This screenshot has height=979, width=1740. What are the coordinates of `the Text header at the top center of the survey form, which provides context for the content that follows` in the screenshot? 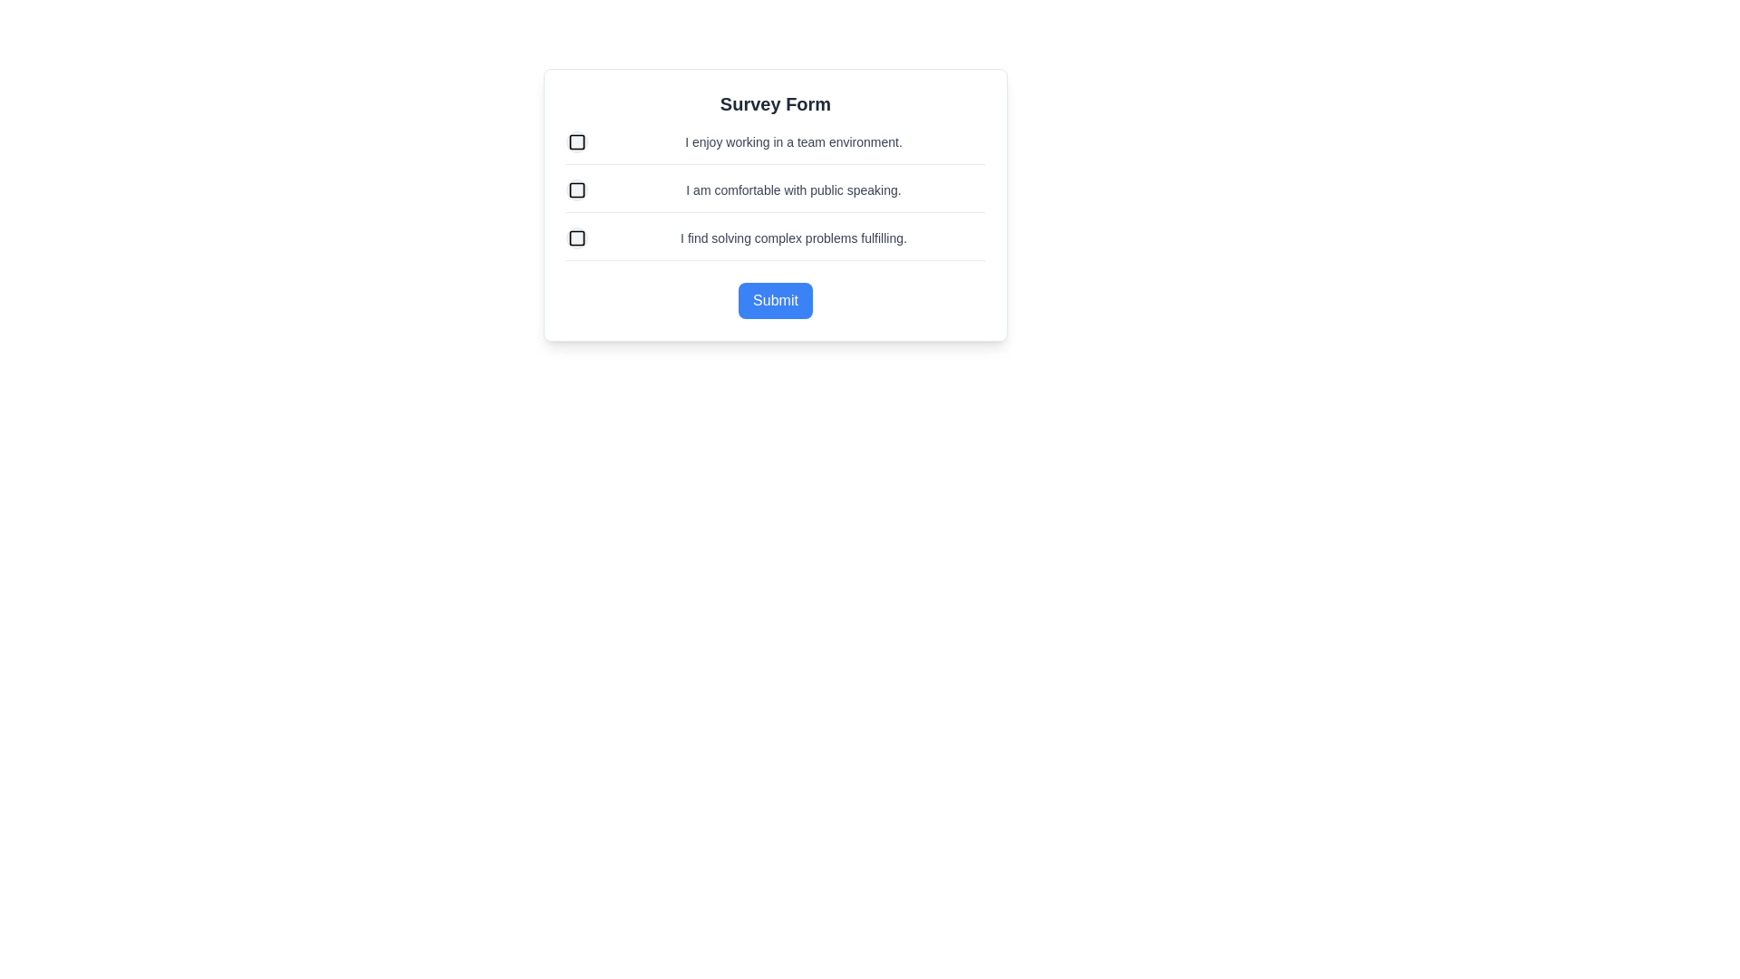 It's located at (775, 104).